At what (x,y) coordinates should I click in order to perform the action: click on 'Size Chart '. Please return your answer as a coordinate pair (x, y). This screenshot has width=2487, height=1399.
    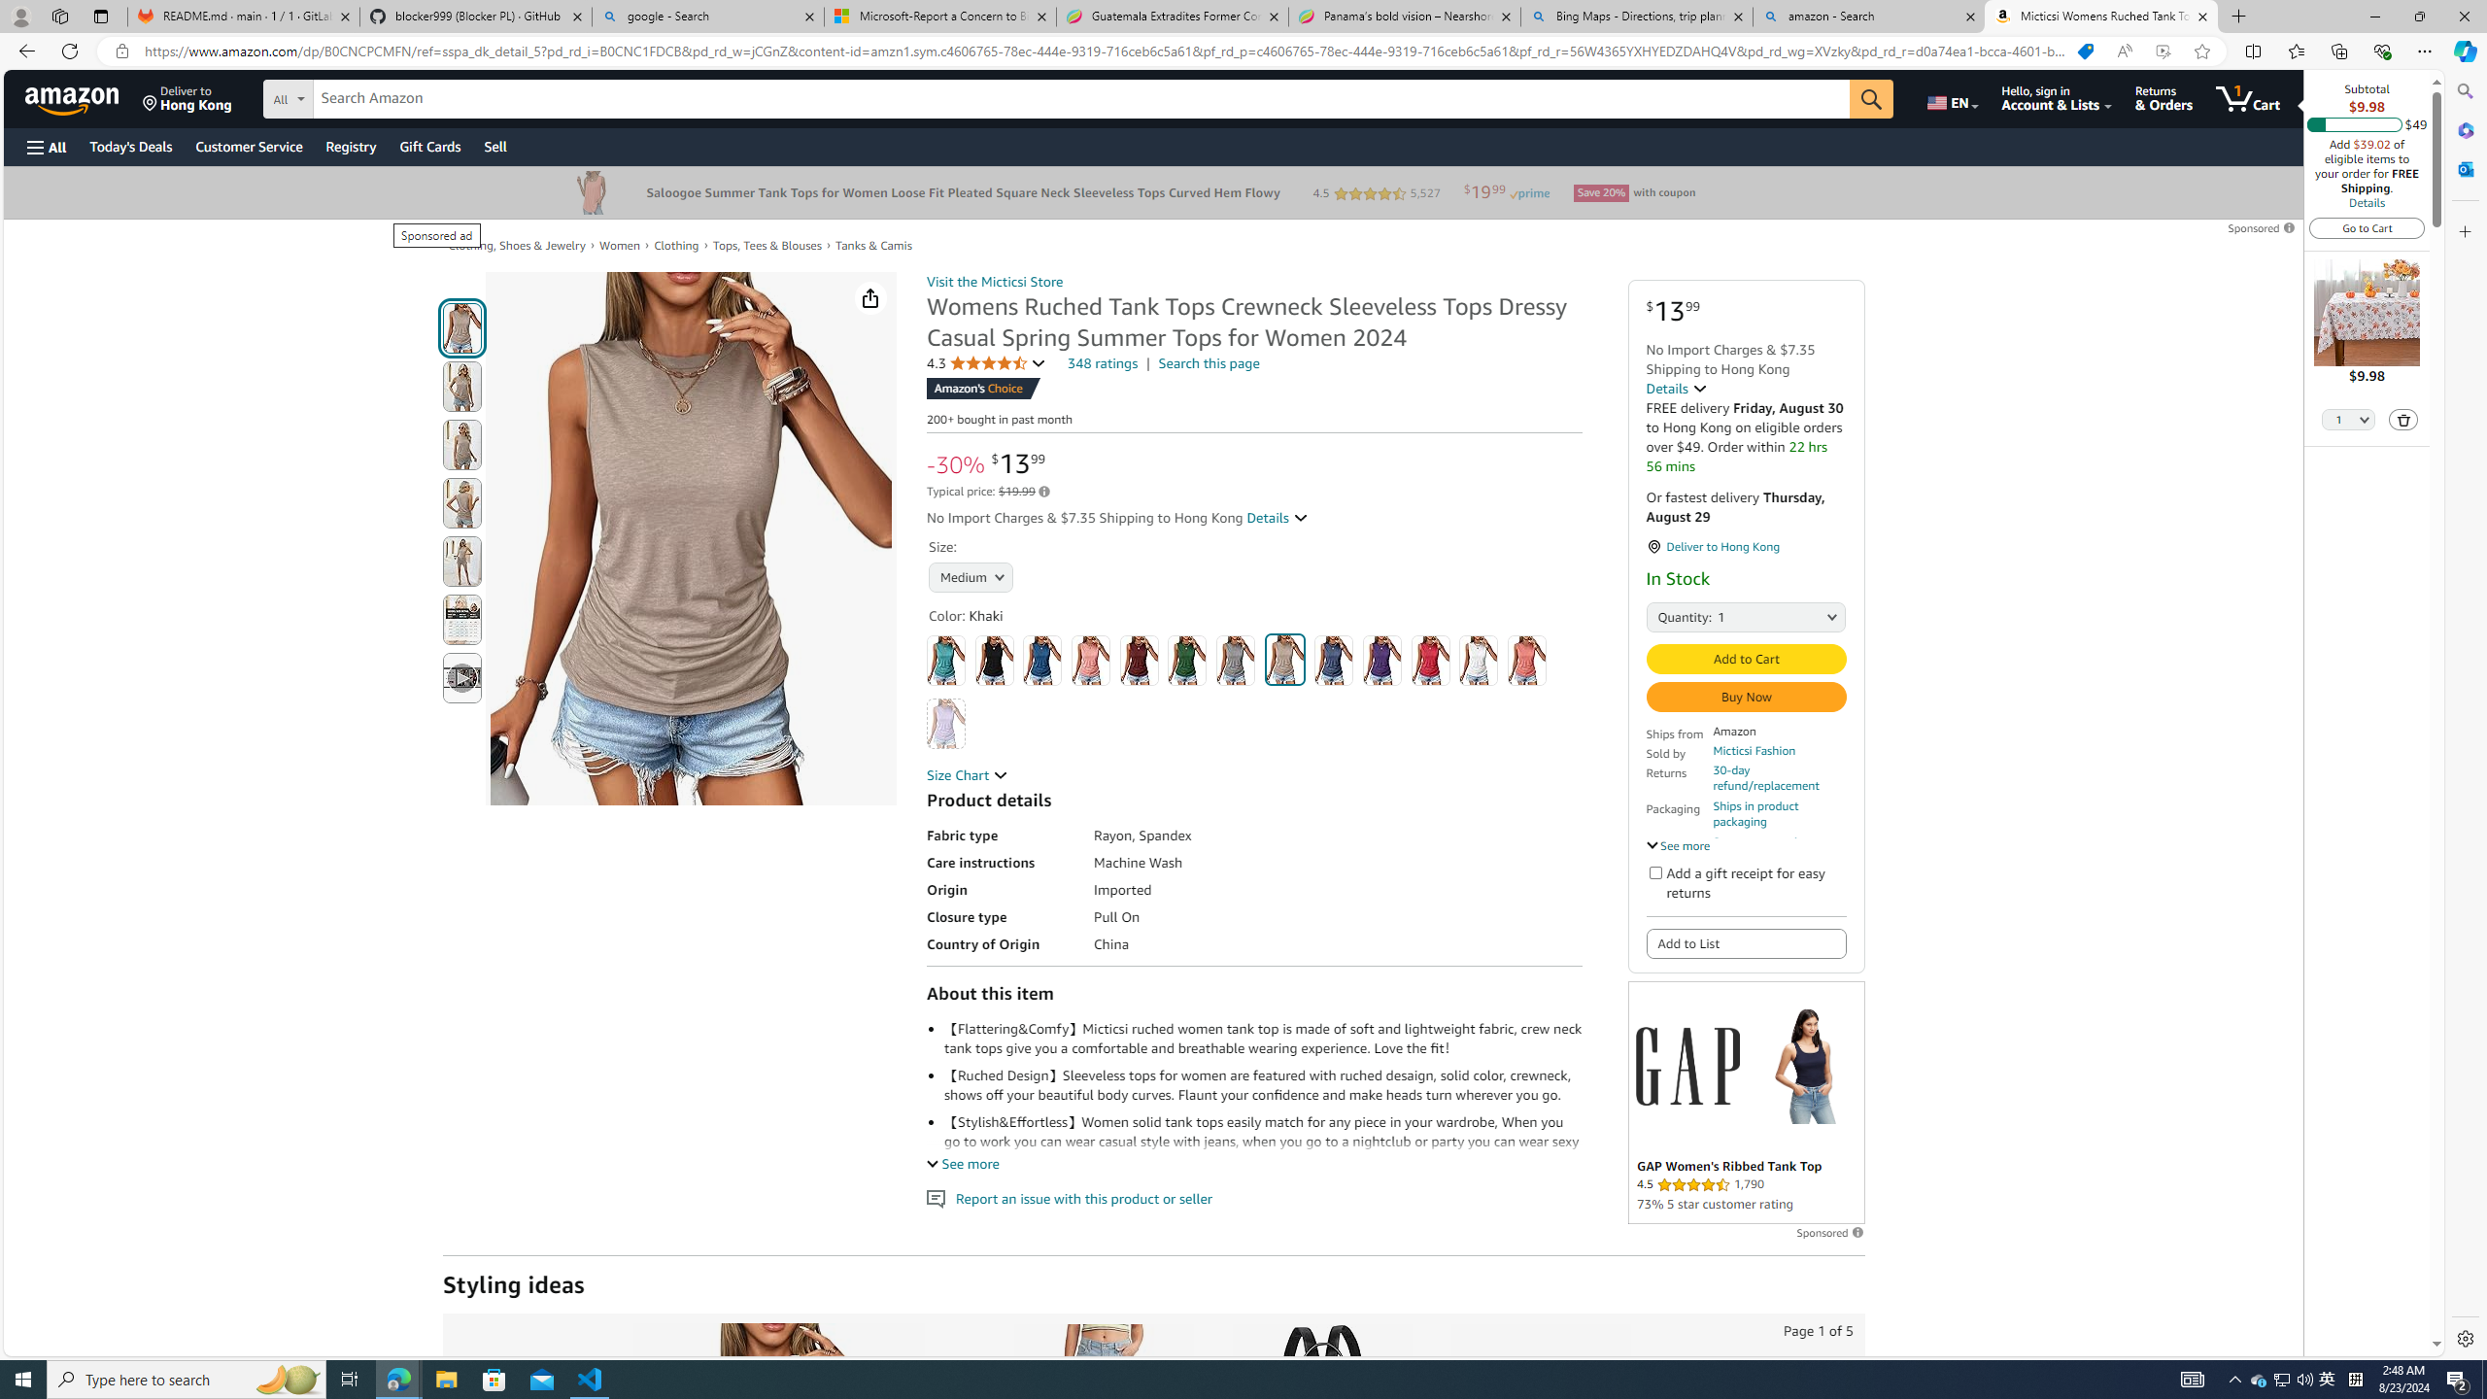
    Looking at the image, I should click on (966, 773).